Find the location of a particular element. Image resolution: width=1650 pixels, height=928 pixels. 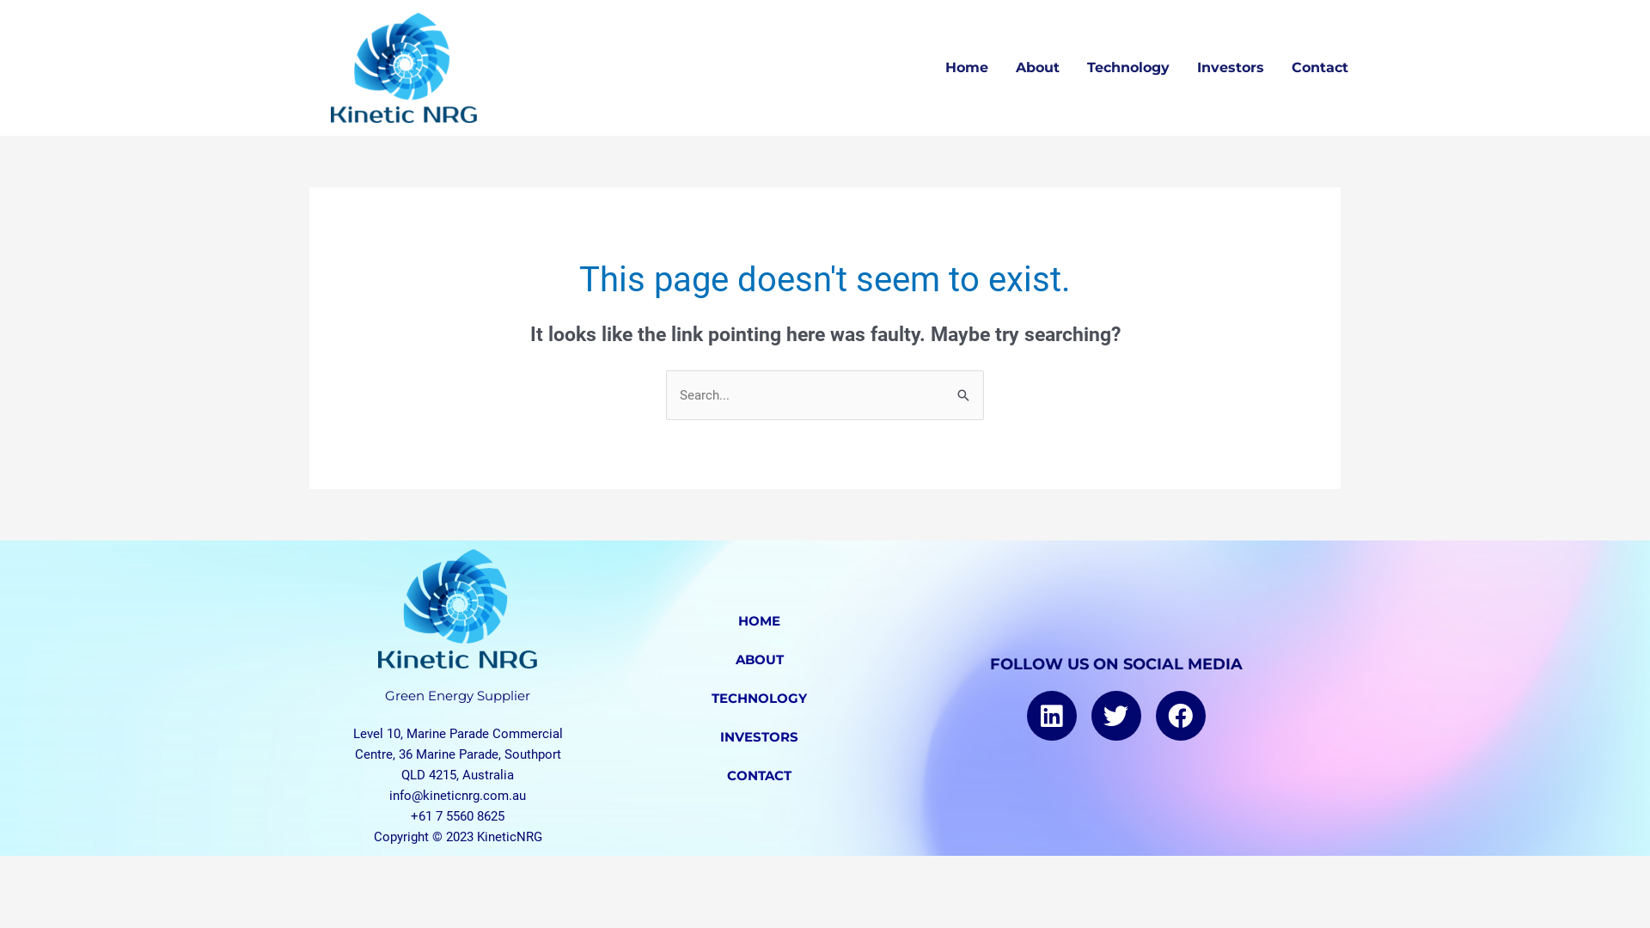

'ABOUT' is located at coordinates (758, 658).